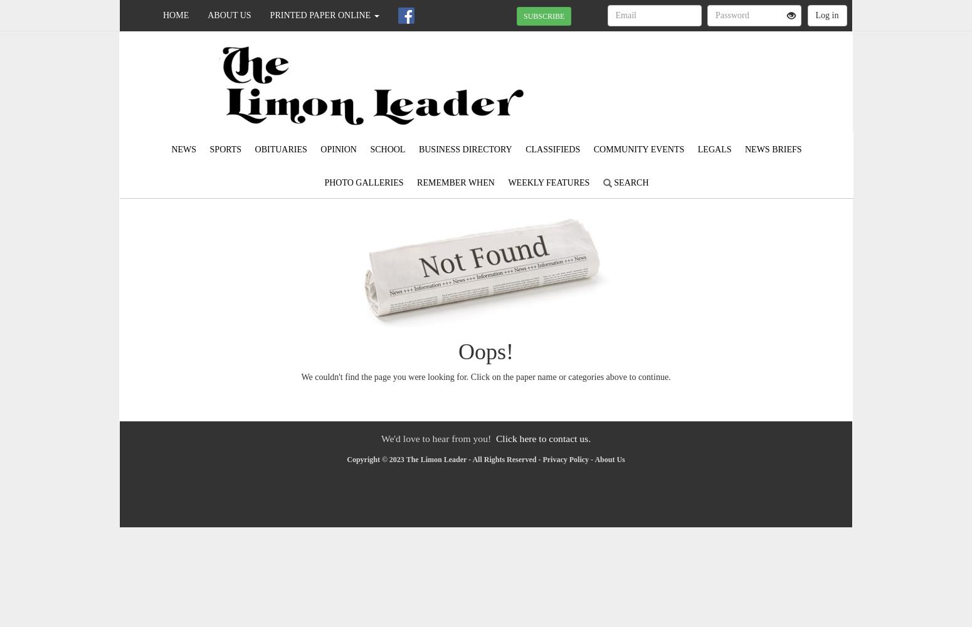  Describe the element at coordinates (183, 149) in the screenshot. I see `'News'` at that location.